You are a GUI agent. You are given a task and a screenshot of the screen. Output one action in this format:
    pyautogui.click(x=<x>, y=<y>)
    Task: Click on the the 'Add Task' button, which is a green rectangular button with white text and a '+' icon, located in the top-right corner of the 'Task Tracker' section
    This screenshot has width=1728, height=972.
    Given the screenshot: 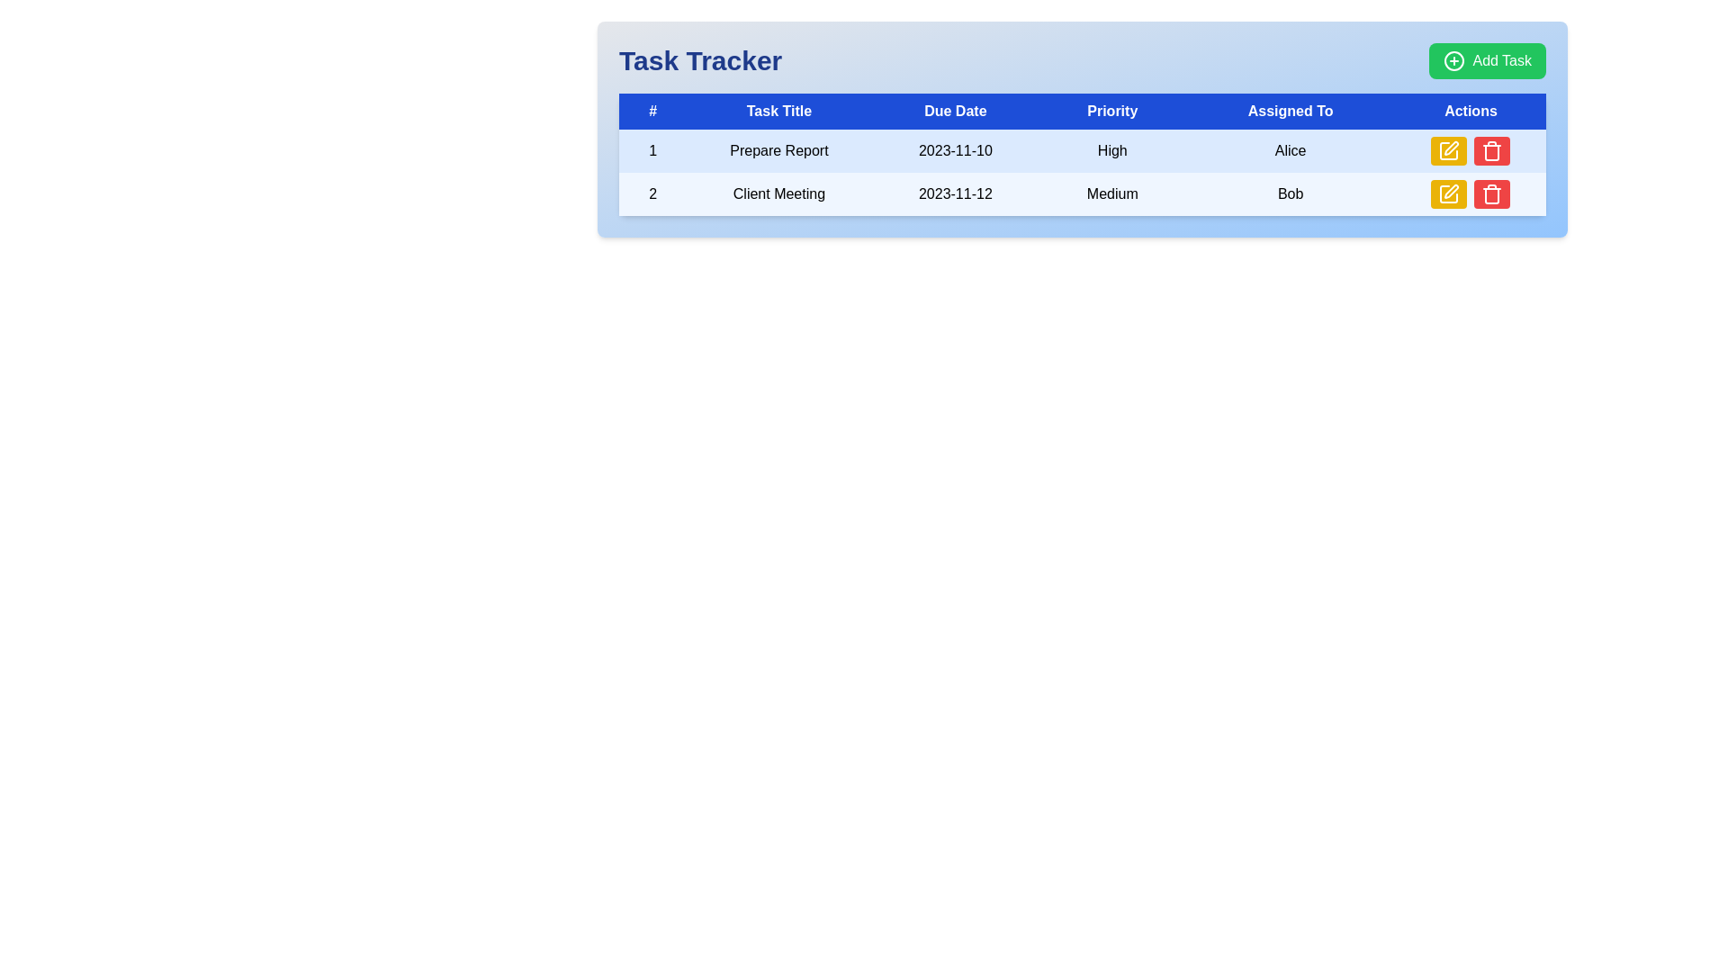 What is the action you would take?
    pyautogui.click(x=1488, y=60)
    